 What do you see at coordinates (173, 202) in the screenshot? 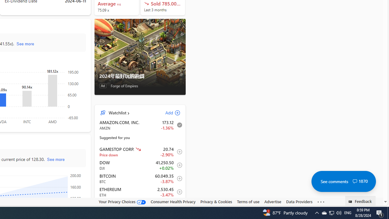
I see `'Consumer Health Privacy'` at bounding box center [173, 202].